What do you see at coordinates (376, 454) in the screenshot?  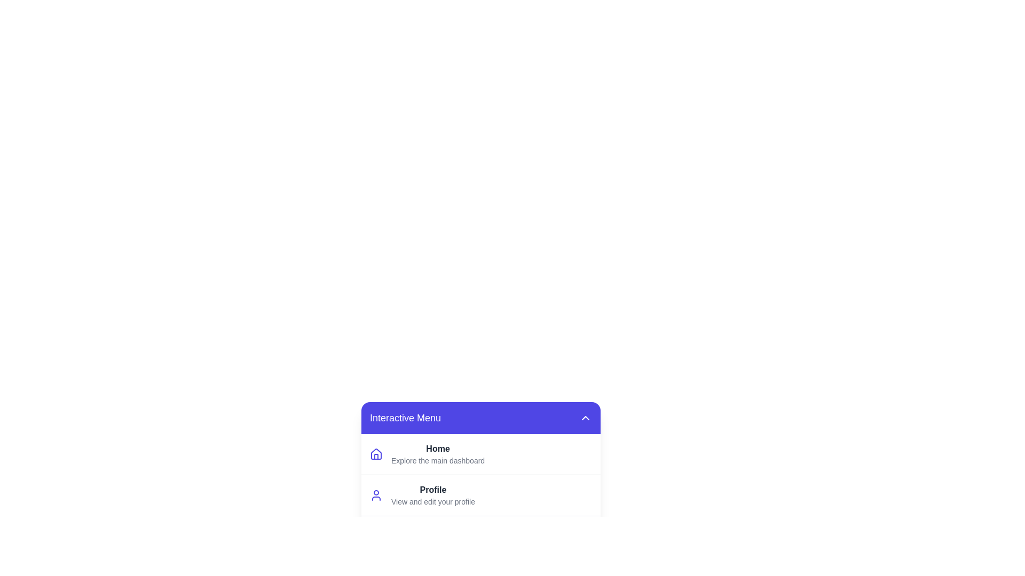 I see `the menu section Home by clicking its icon` at bounding box center [376, 454].